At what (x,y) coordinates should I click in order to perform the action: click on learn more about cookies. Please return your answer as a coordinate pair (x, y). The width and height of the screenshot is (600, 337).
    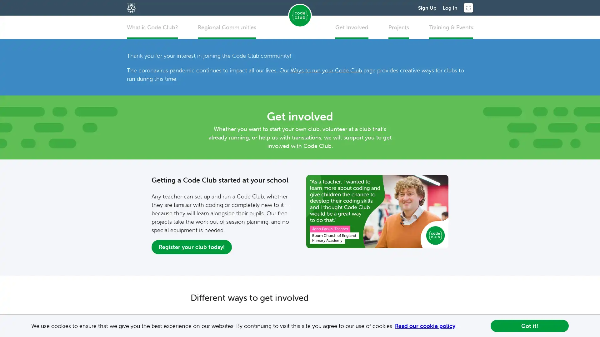
    Looking at the image, I should click on (459, 326).